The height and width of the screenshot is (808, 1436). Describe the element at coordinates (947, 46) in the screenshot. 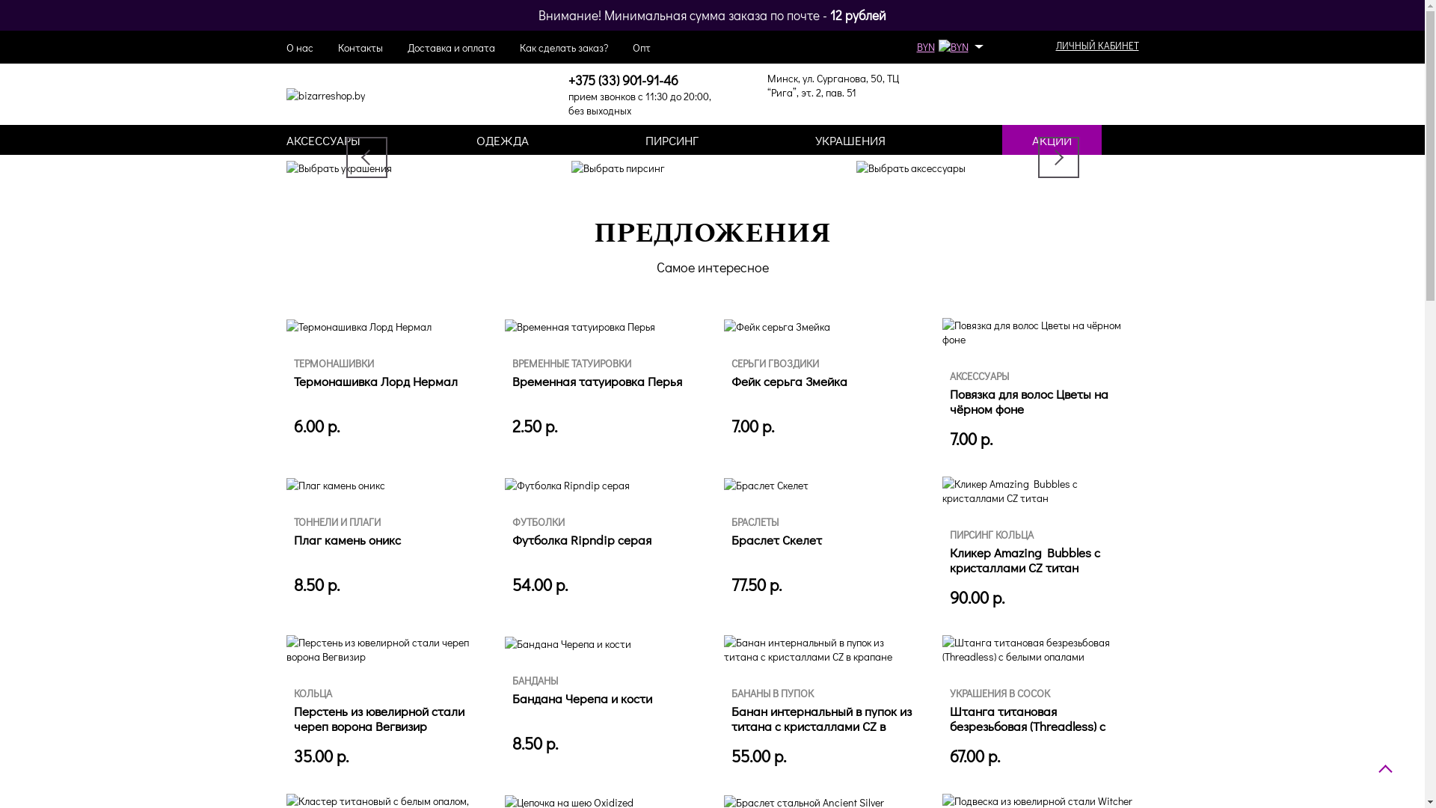

I see `'BYN'` at that location.